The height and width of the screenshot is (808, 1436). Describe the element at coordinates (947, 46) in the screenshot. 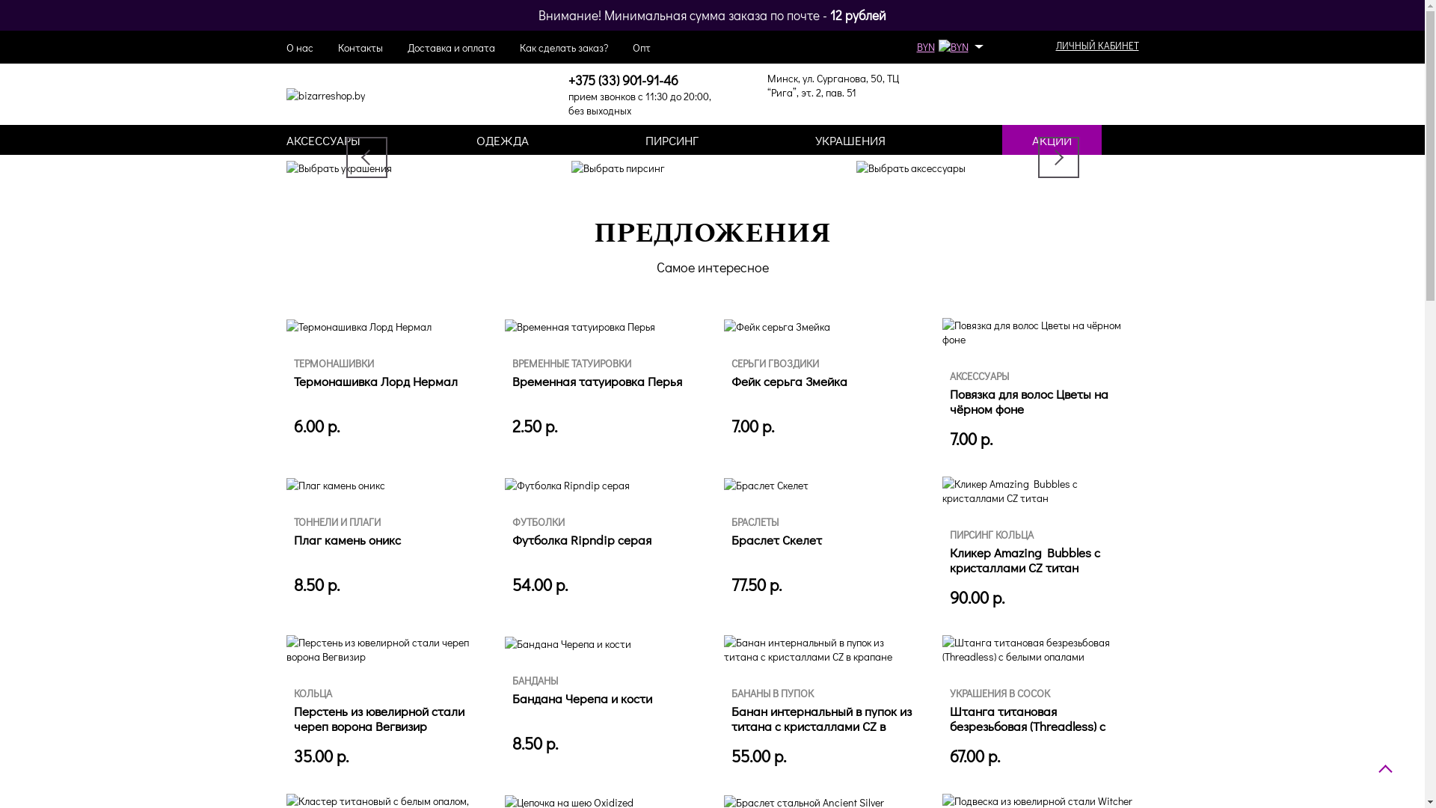

I see `'BYN'` at that location.